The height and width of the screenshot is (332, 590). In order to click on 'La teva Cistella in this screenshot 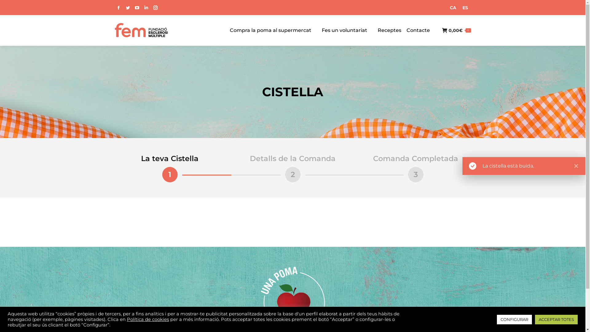, I will do `click(108, 168)`.